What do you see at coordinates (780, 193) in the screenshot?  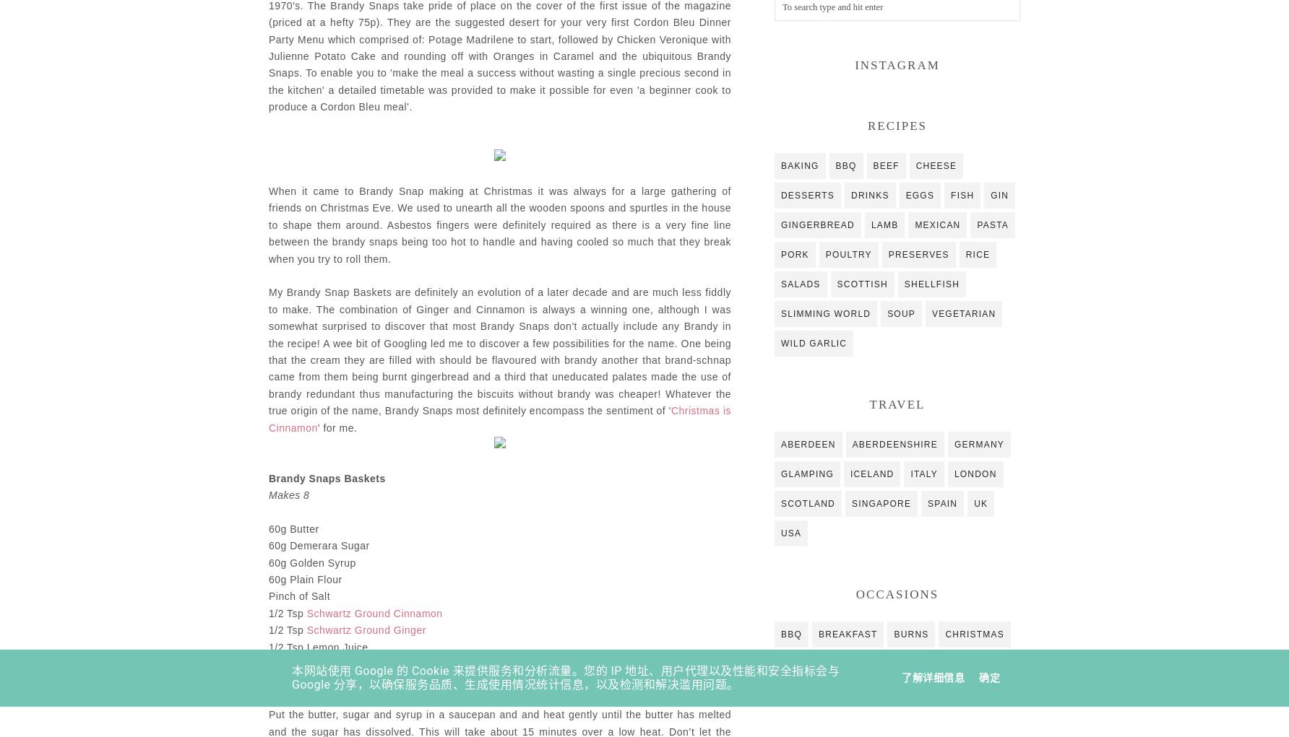 I see `'desserts'` at bounding box center [780, 193].